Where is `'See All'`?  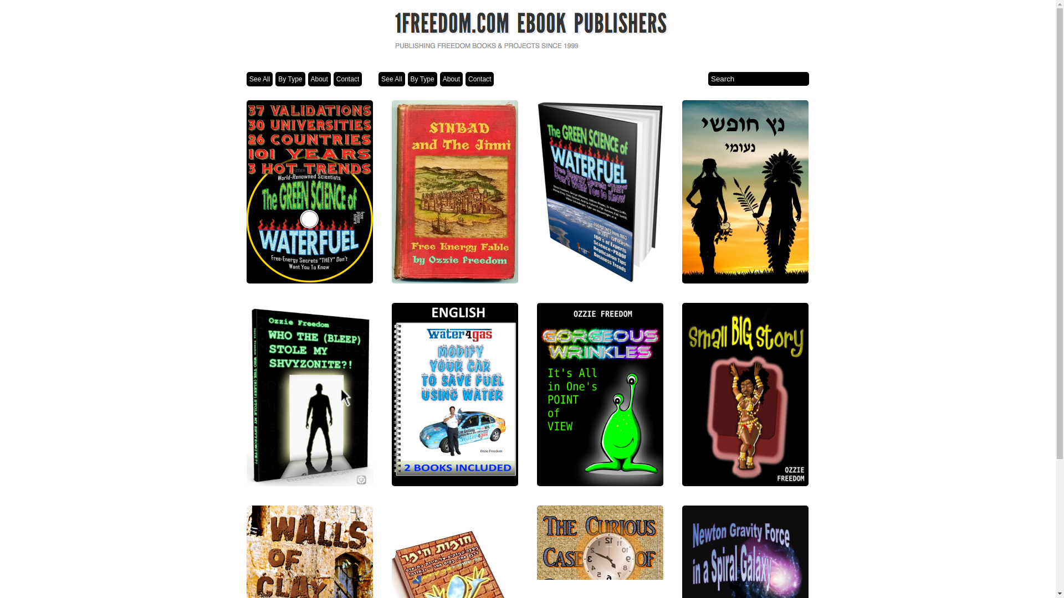
'See All' is located at coordinates (378, 78).